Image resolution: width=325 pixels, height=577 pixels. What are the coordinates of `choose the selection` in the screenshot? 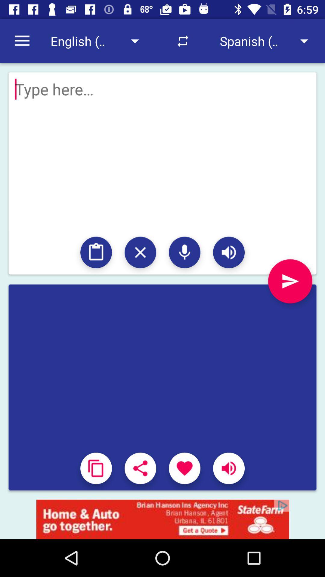 It's located at (140, 468).